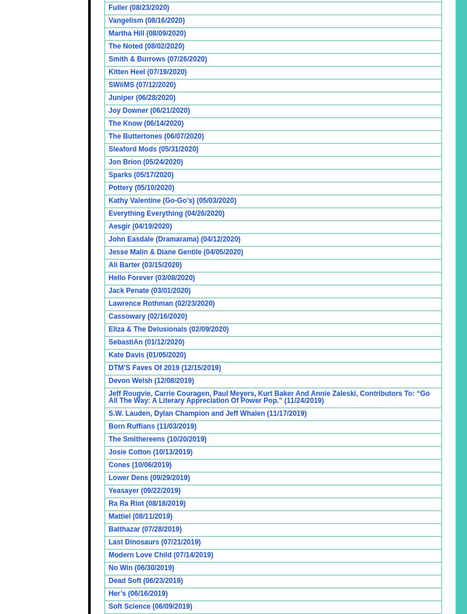 The image size is (467, 614). Describe the element at coordinates (141, 97) in the screenshot. I see `'Juniper (06/28/2020)'` at that location.